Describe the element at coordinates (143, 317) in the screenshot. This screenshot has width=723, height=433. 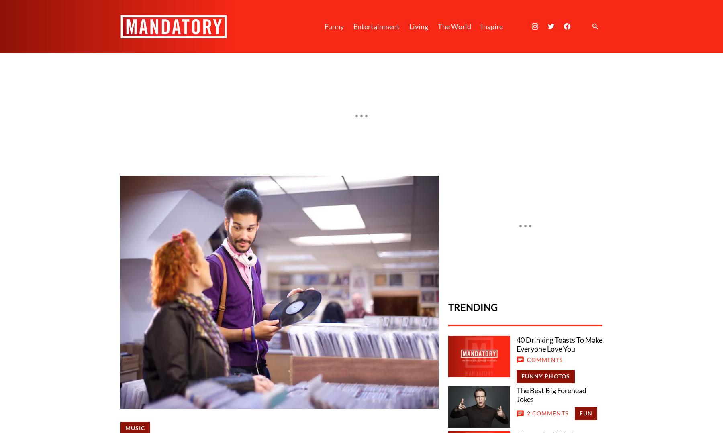
I see `'Musicians'` at that location.